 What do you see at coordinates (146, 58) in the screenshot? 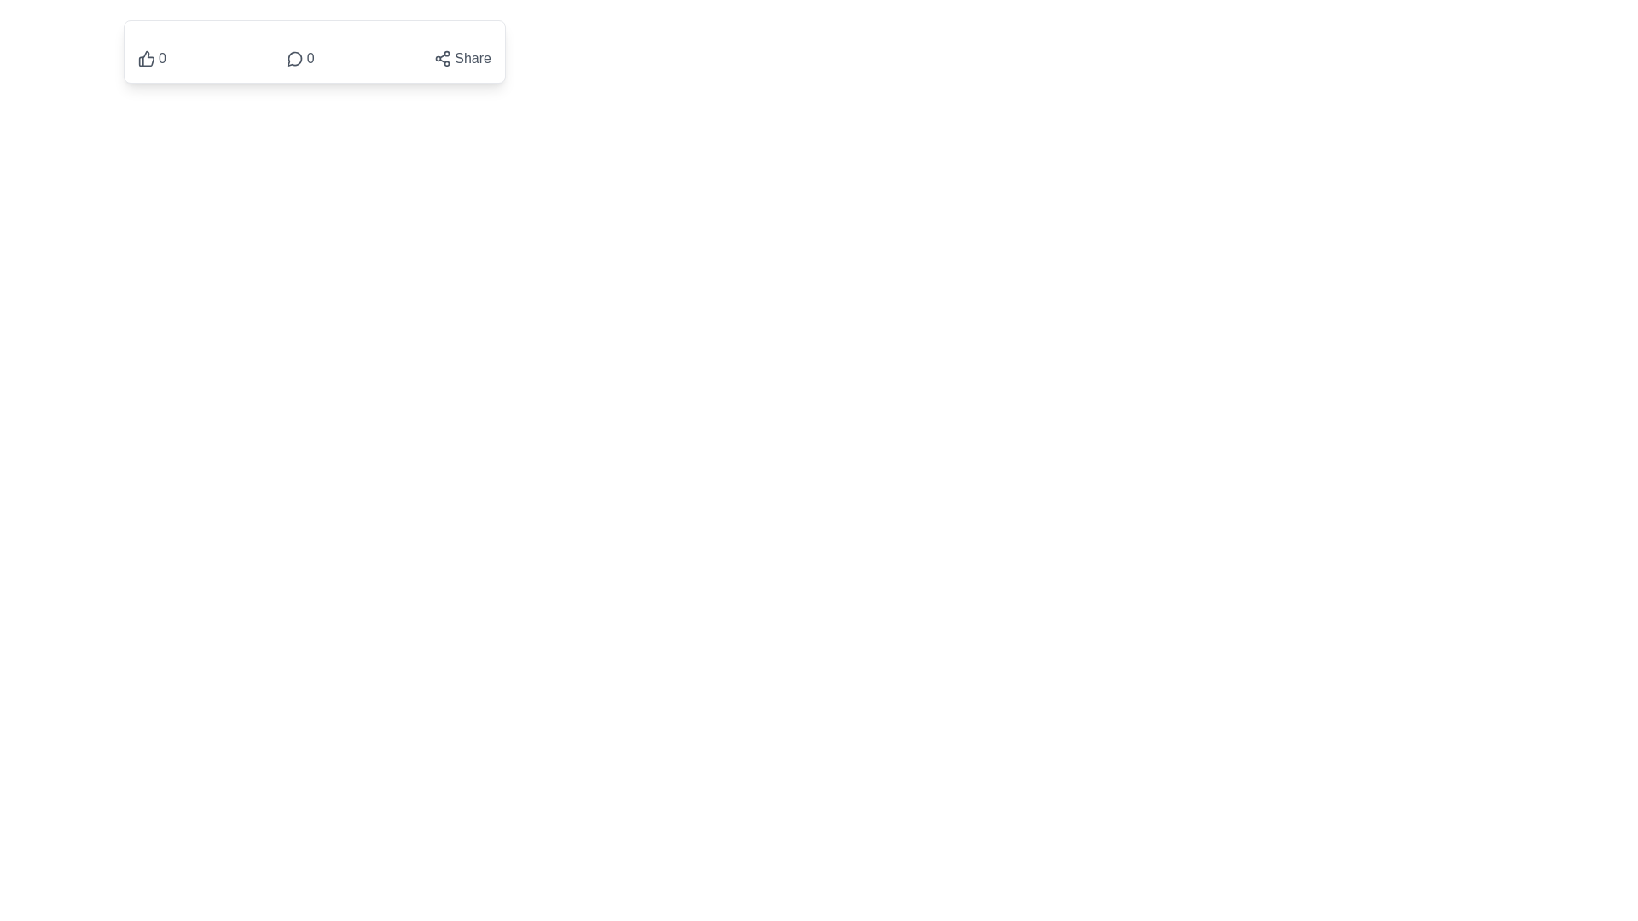
I see `the lower section of the thumbs-up icon, which is part of a graphic depicting approval, to signify approval` at bounding box center [146, 58].